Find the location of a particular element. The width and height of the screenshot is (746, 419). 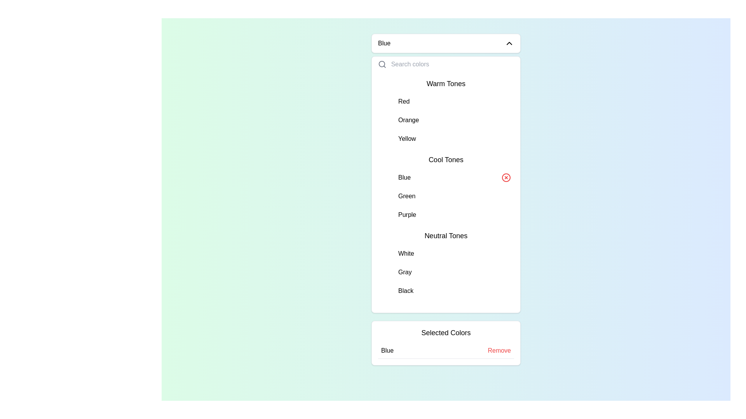

the third selectable color option labeled 'Purple' in the dropdown menu is located at coordinates (446, 215).